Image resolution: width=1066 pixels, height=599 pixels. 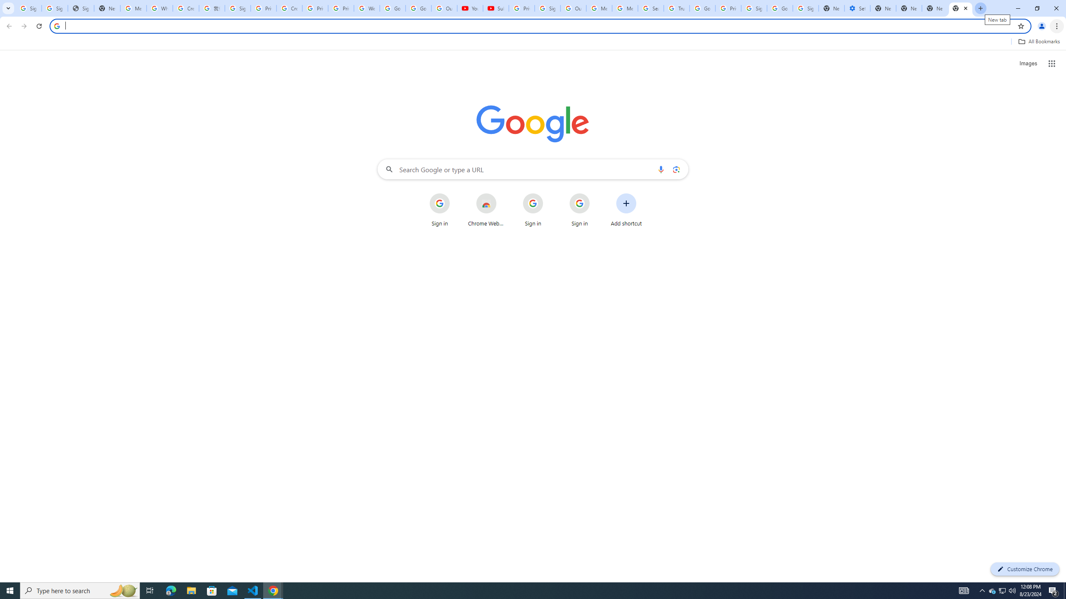 I want to click on 'Who is my administrator? - Google Account Help', so click(x=159, y=8).